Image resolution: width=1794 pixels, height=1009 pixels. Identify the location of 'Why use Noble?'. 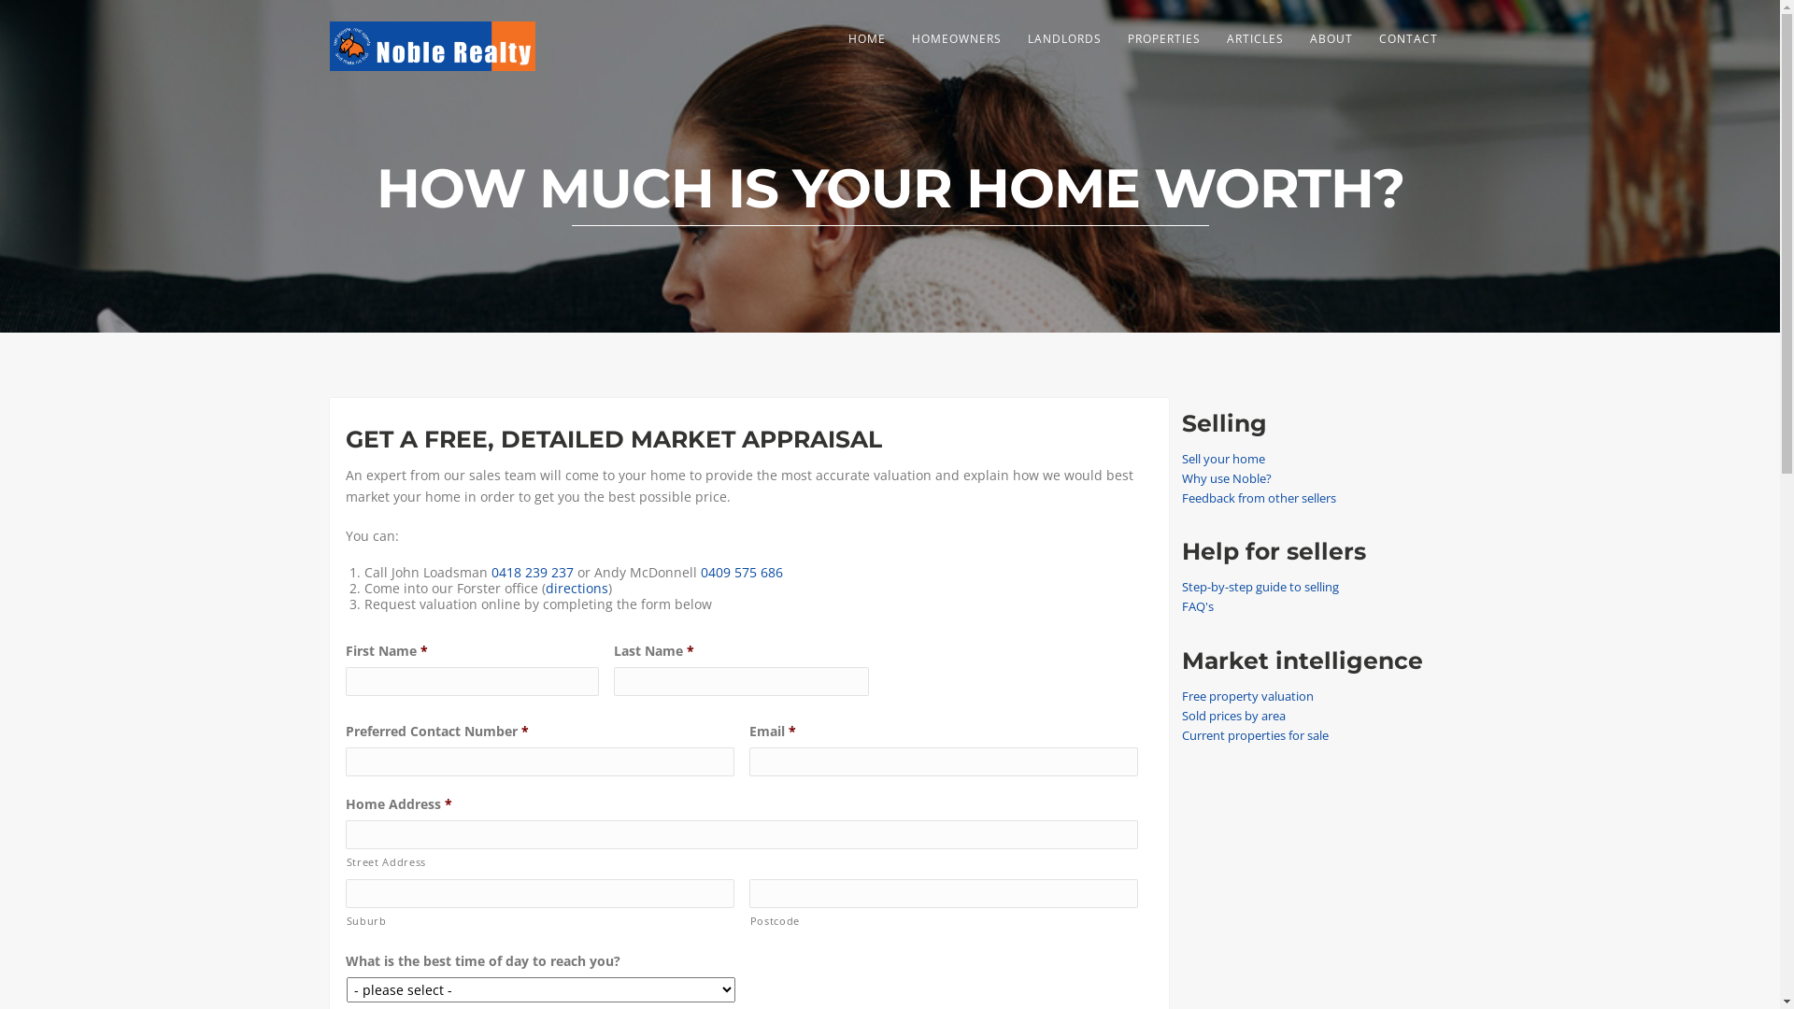
(1225, 477).